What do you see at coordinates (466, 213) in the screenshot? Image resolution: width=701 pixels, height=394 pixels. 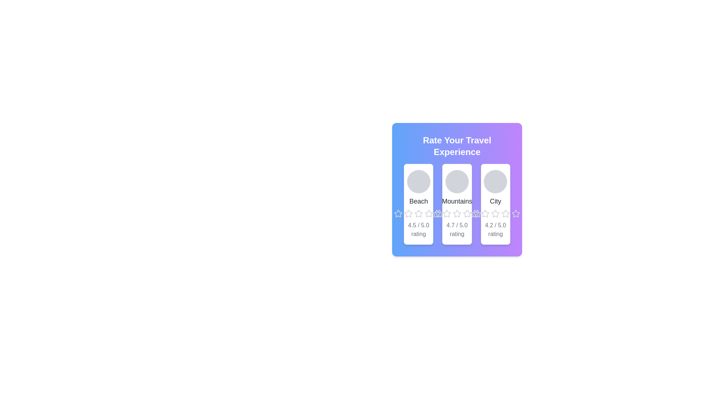 I see `the fourth star in the rating section beneath the 'Mountains' card` at bounding box center [466, 213].